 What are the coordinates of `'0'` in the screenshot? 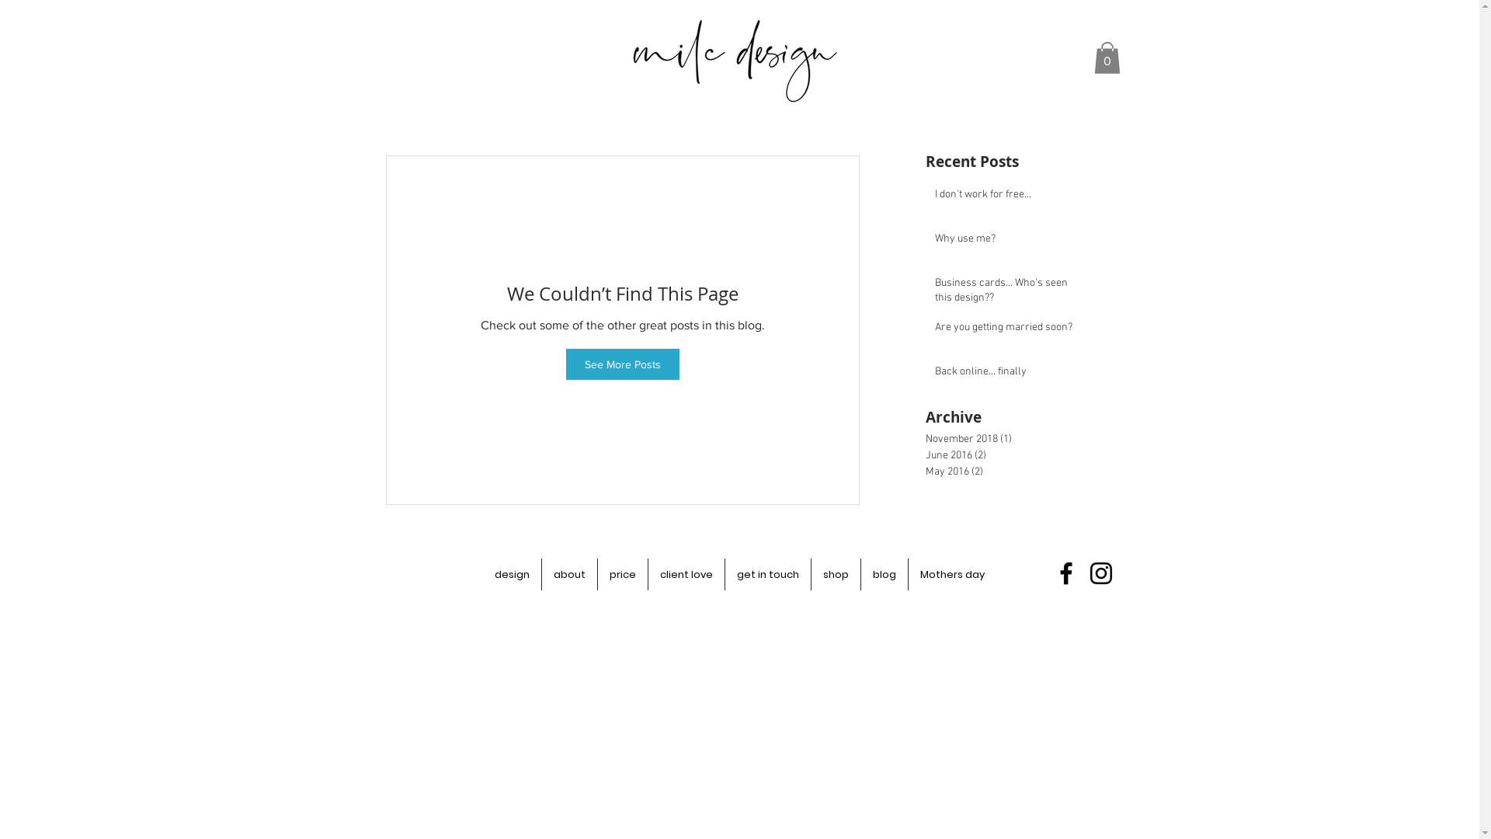 It's located at (1106, 57).